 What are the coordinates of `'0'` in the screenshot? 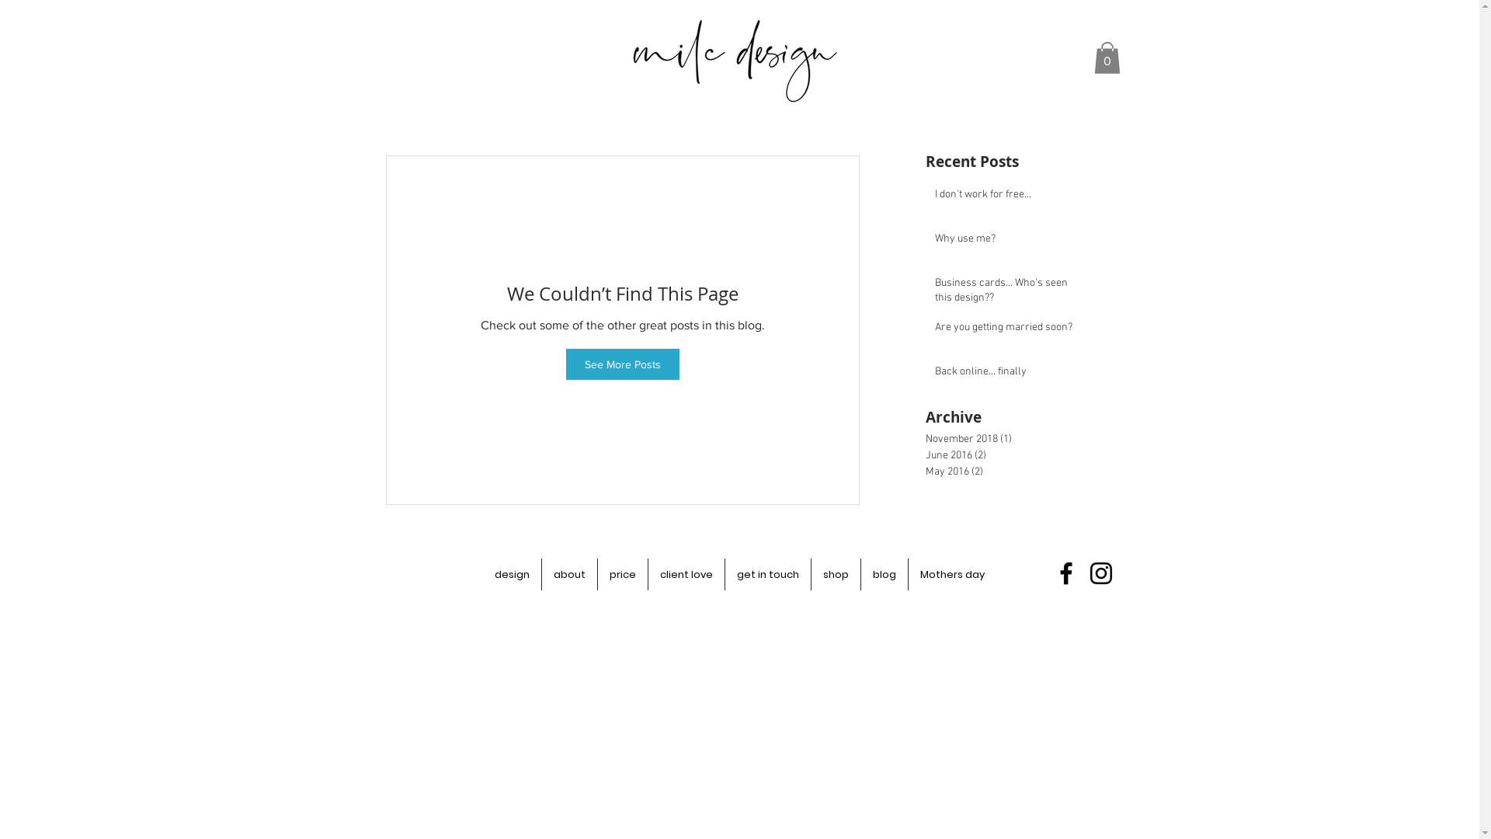 It's located at (1106, 57).